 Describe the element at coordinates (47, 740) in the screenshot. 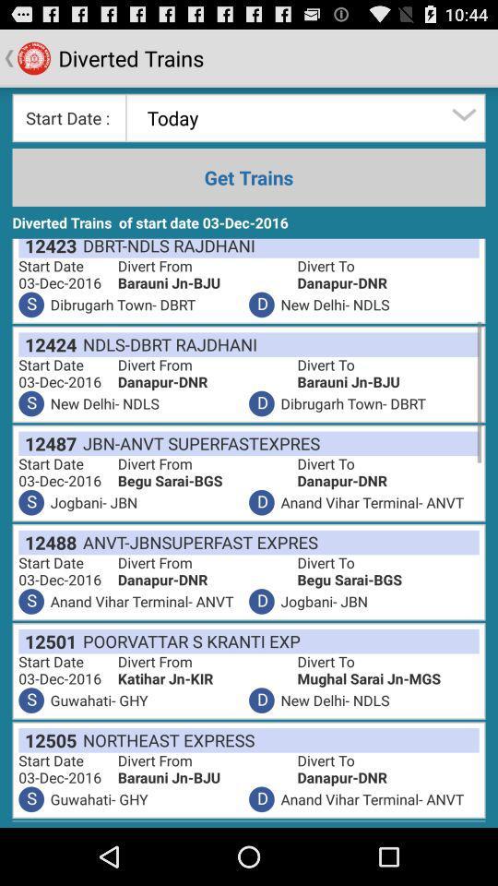

I see `12505` at that location.